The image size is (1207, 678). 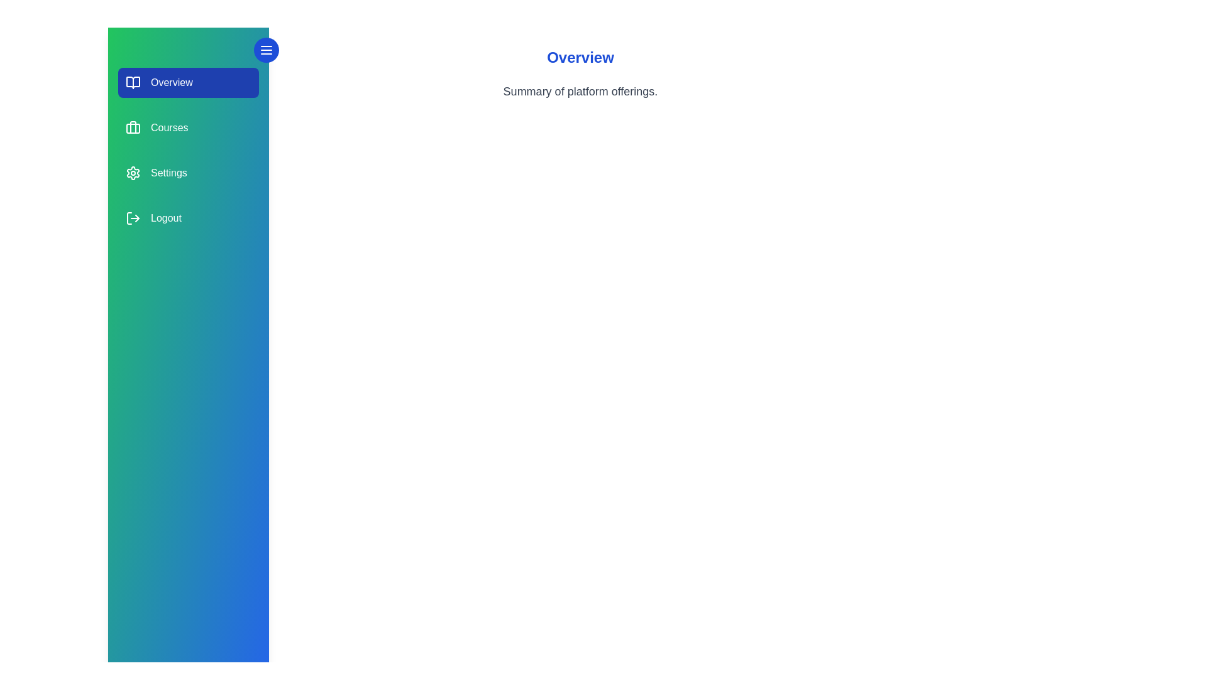 What do you see at coordinates (187, 217) in the screenshot?
I see `the section labeled Logout to view its hover effect` at bounding box center [187, 217].